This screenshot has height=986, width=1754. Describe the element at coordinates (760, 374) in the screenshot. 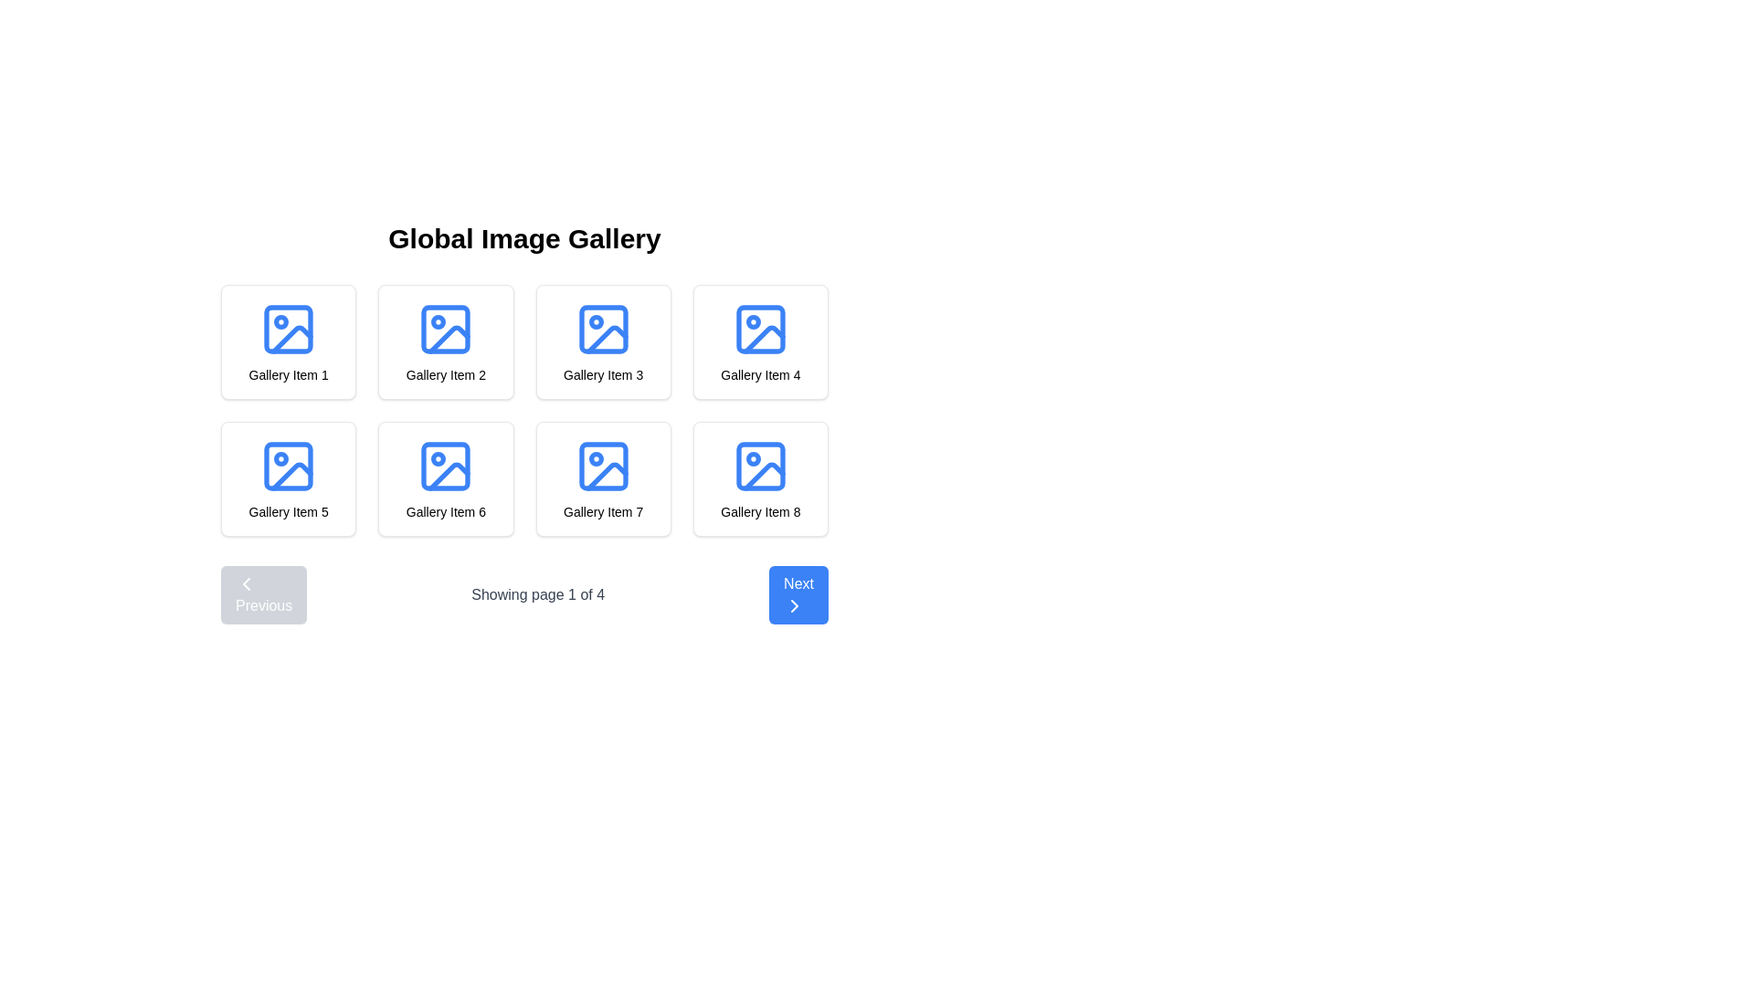

I see `text label that displays 'Gallery Item 4', located in the fourth tile of a grid layout, below a blue image icon` at that location.